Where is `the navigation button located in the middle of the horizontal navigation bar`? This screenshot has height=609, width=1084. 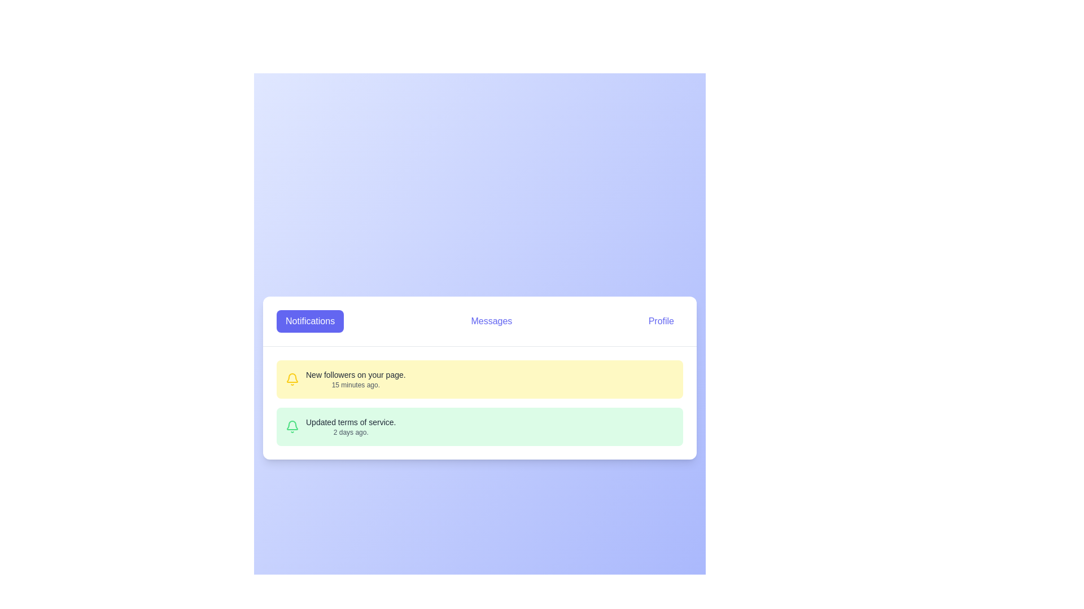
the navigation button located in the middle of the horizontal navigation bar is located at coordinates (491, 321).